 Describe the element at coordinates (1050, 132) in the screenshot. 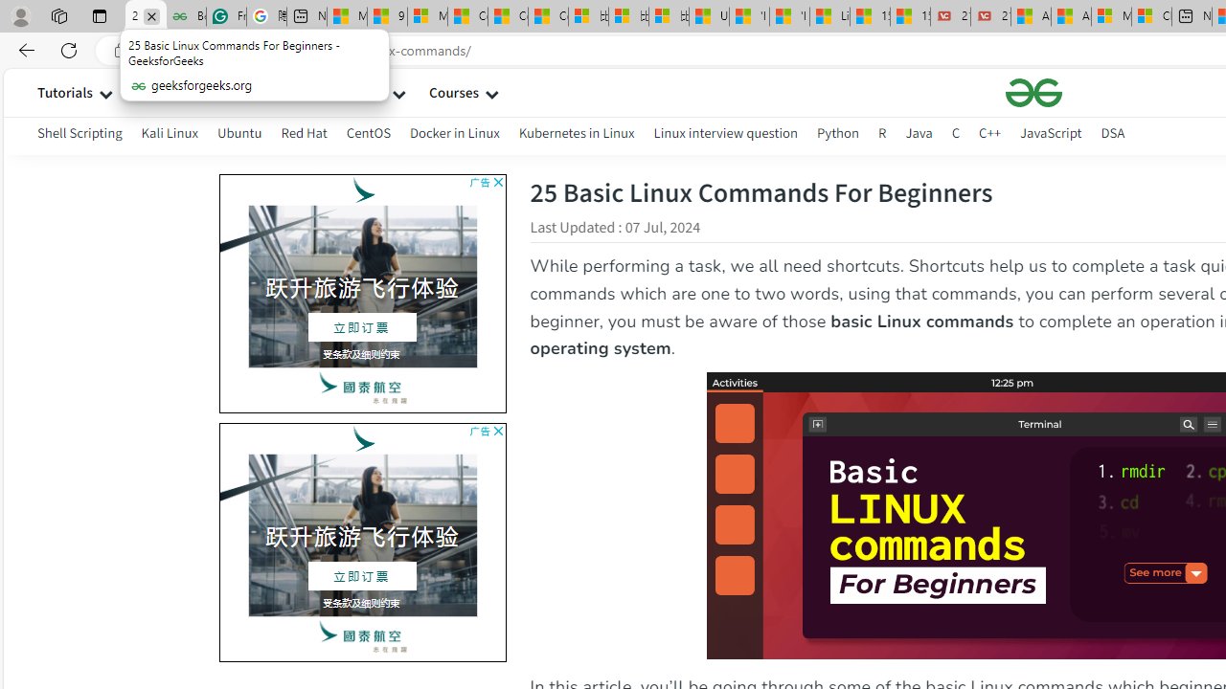

I see `'JavaScript'` at that location.